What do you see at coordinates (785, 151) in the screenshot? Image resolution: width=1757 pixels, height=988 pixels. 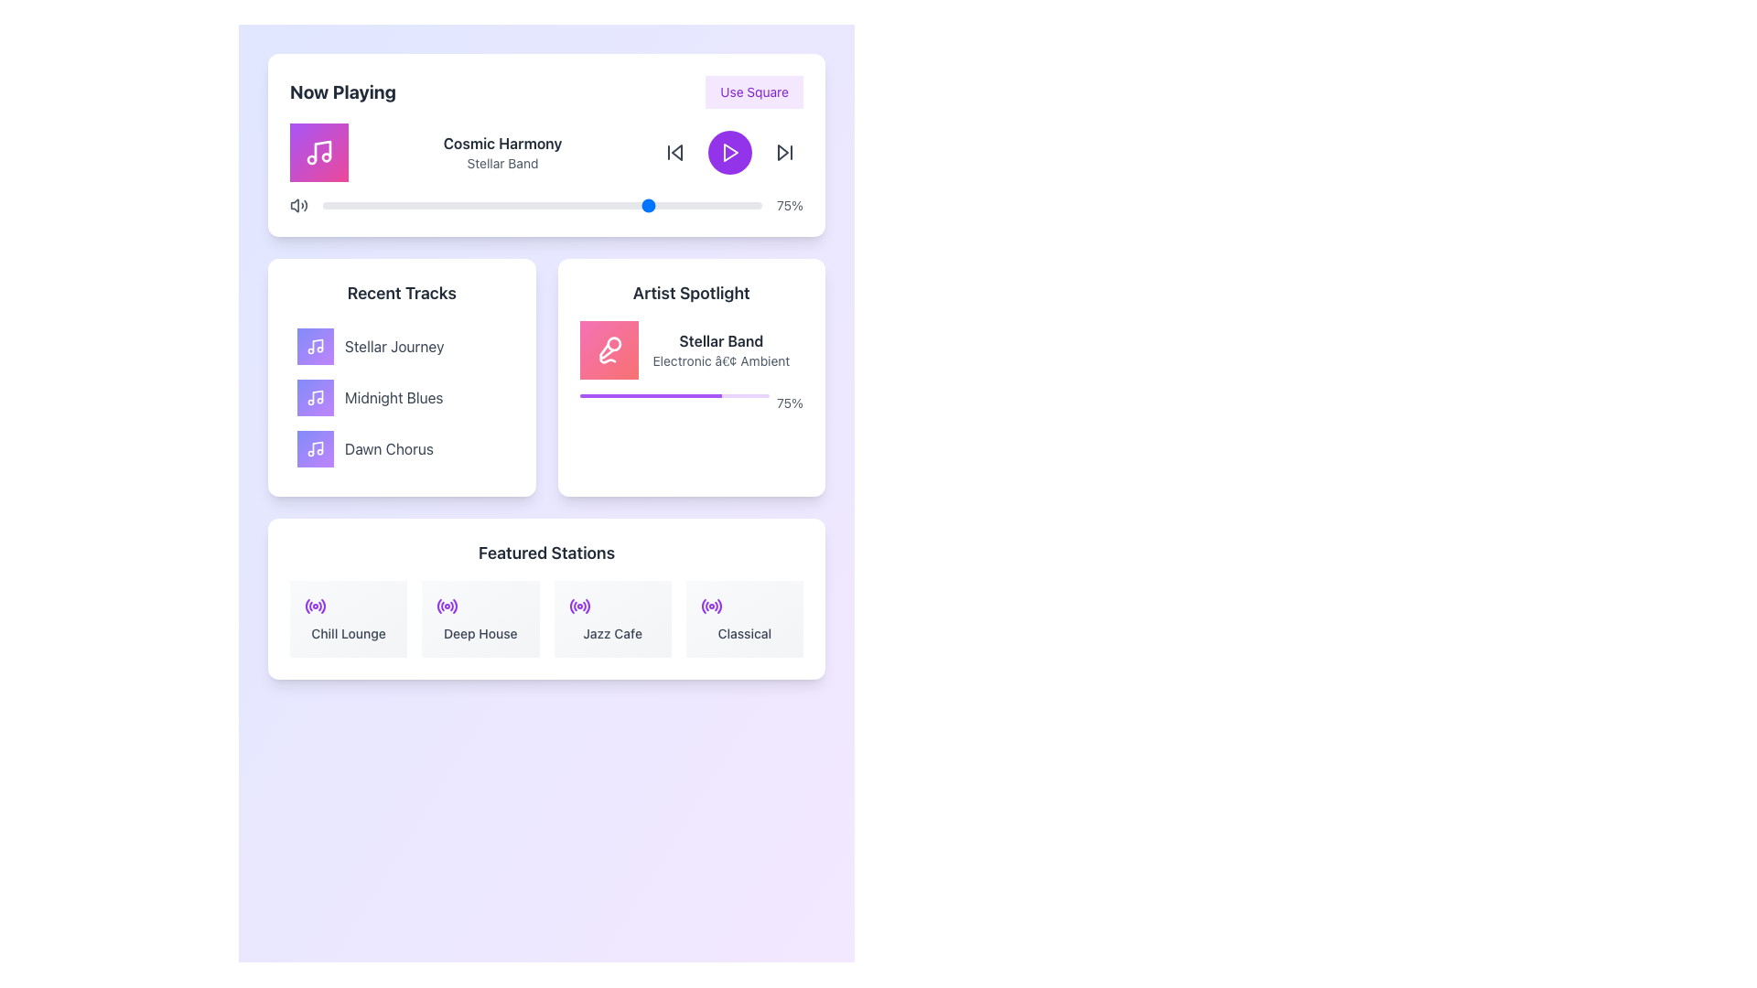 I see `the 'Next' button located in the 'Now Playing' section to change its background color` at bounding box center [785, 151].